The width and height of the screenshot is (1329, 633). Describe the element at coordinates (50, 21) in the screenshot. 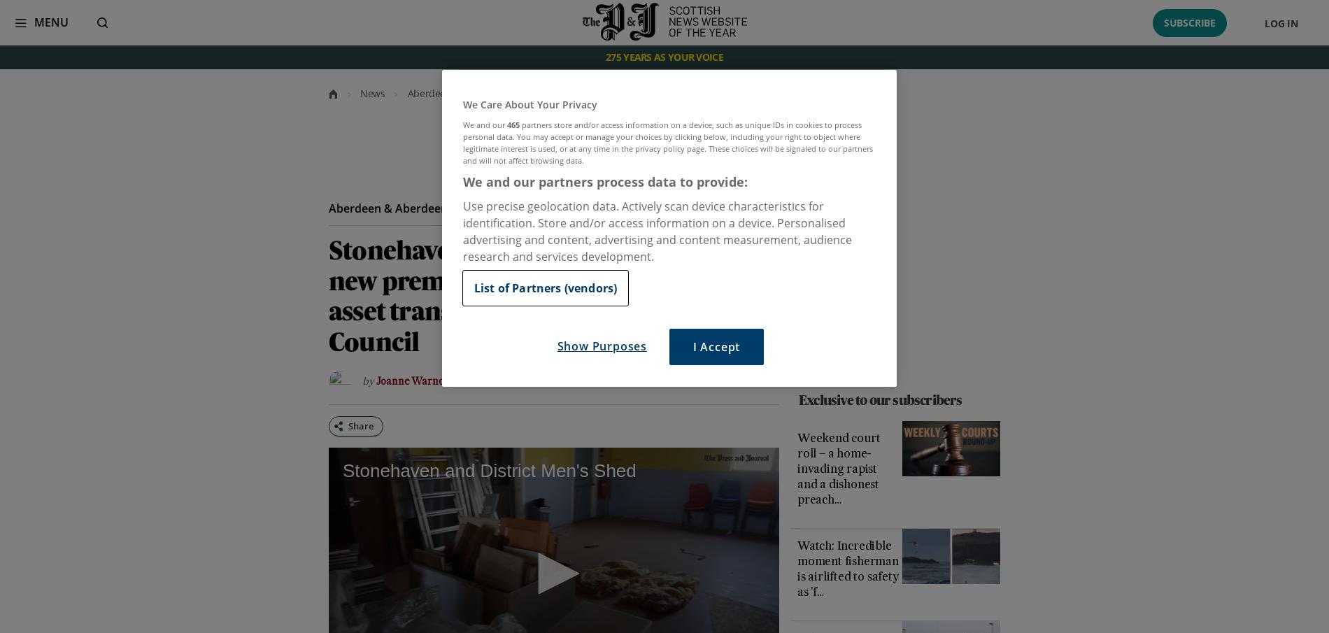

I see `'Menu'` at that location.